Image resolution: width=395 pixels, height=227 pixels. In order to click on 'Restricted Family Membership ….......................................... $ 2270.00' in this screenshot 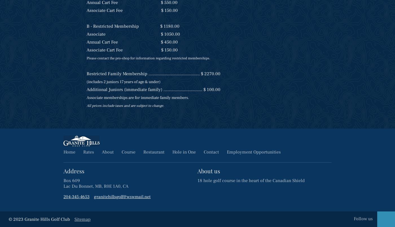, I will do `click(86, 73)`.